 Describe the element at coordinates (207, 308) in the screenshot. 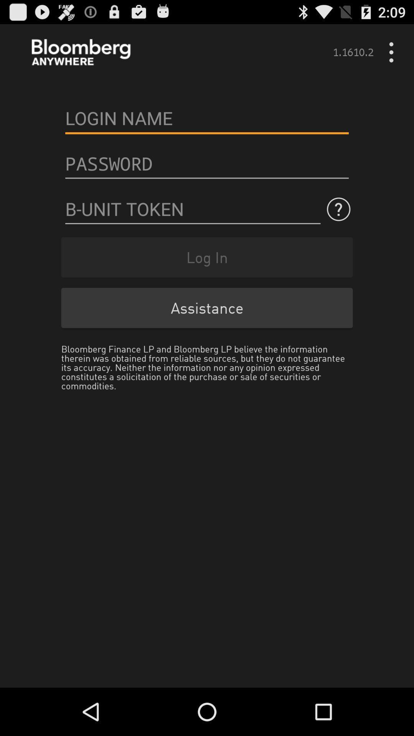

I see `icon above bloomberg finance lp` at that location.